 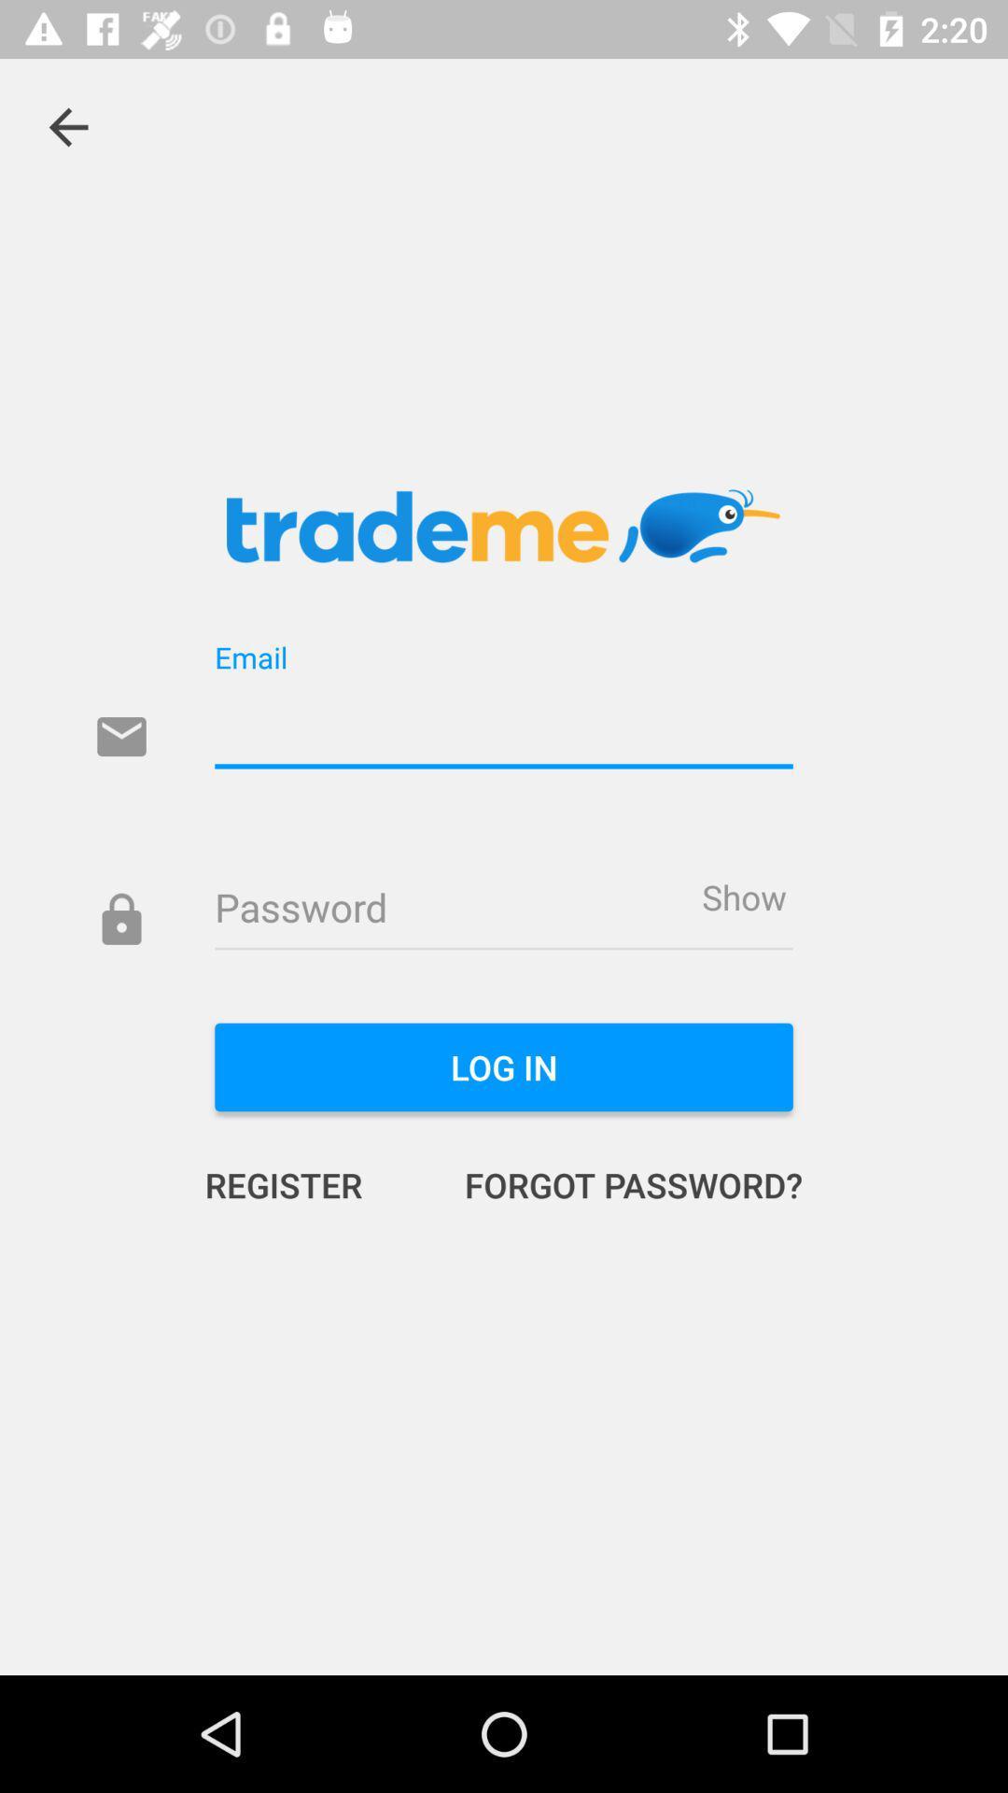 I want to click on register item, so click(x=302, y=1183).